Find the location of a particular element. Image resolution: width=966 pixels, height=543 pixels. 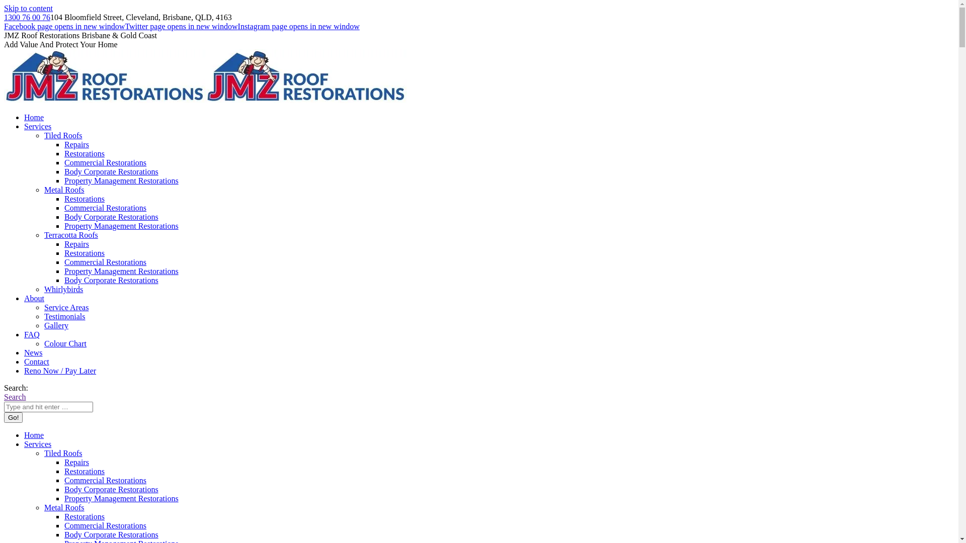

'Body Corporate Restorations' is located at coordinates (111, 280).